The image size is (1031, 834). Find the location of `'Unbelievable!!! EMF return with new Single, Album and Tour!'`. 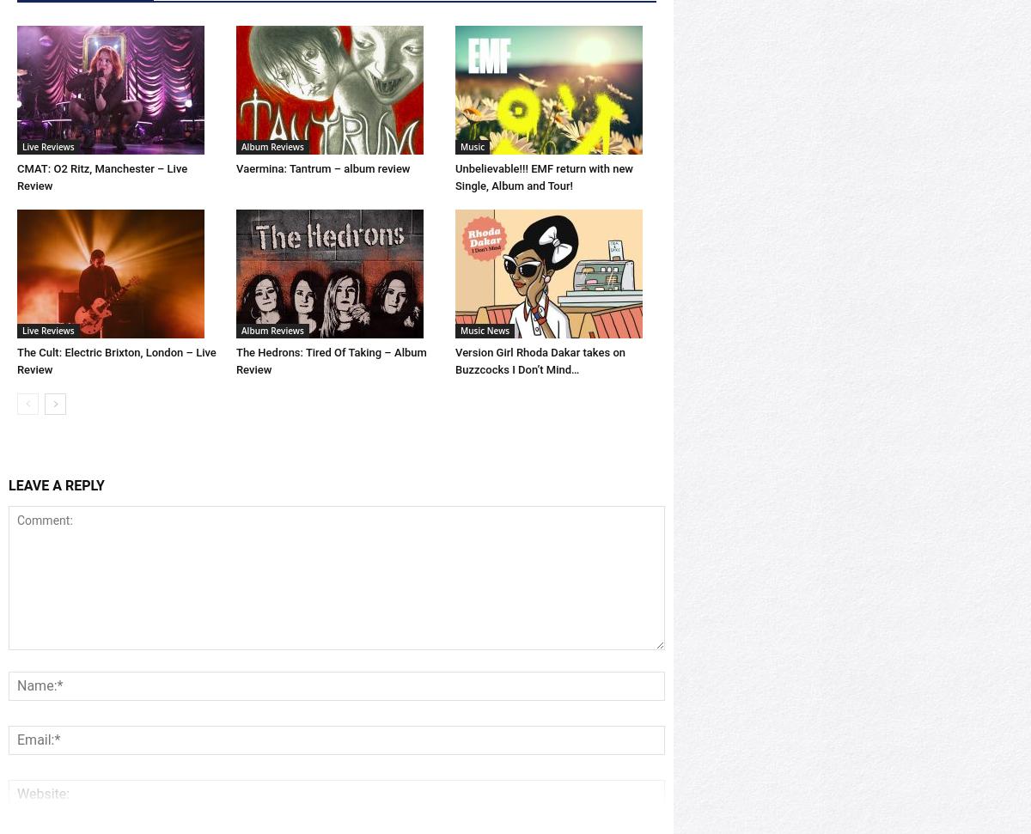

'Unbelievable!!! EMF return with new Single, Album and Tour!' is located at coordinates (544, 235).